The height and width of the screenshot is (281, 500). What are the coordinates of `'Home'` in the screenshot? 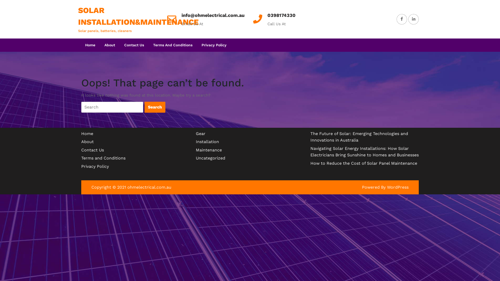 It's located at (81, 45).